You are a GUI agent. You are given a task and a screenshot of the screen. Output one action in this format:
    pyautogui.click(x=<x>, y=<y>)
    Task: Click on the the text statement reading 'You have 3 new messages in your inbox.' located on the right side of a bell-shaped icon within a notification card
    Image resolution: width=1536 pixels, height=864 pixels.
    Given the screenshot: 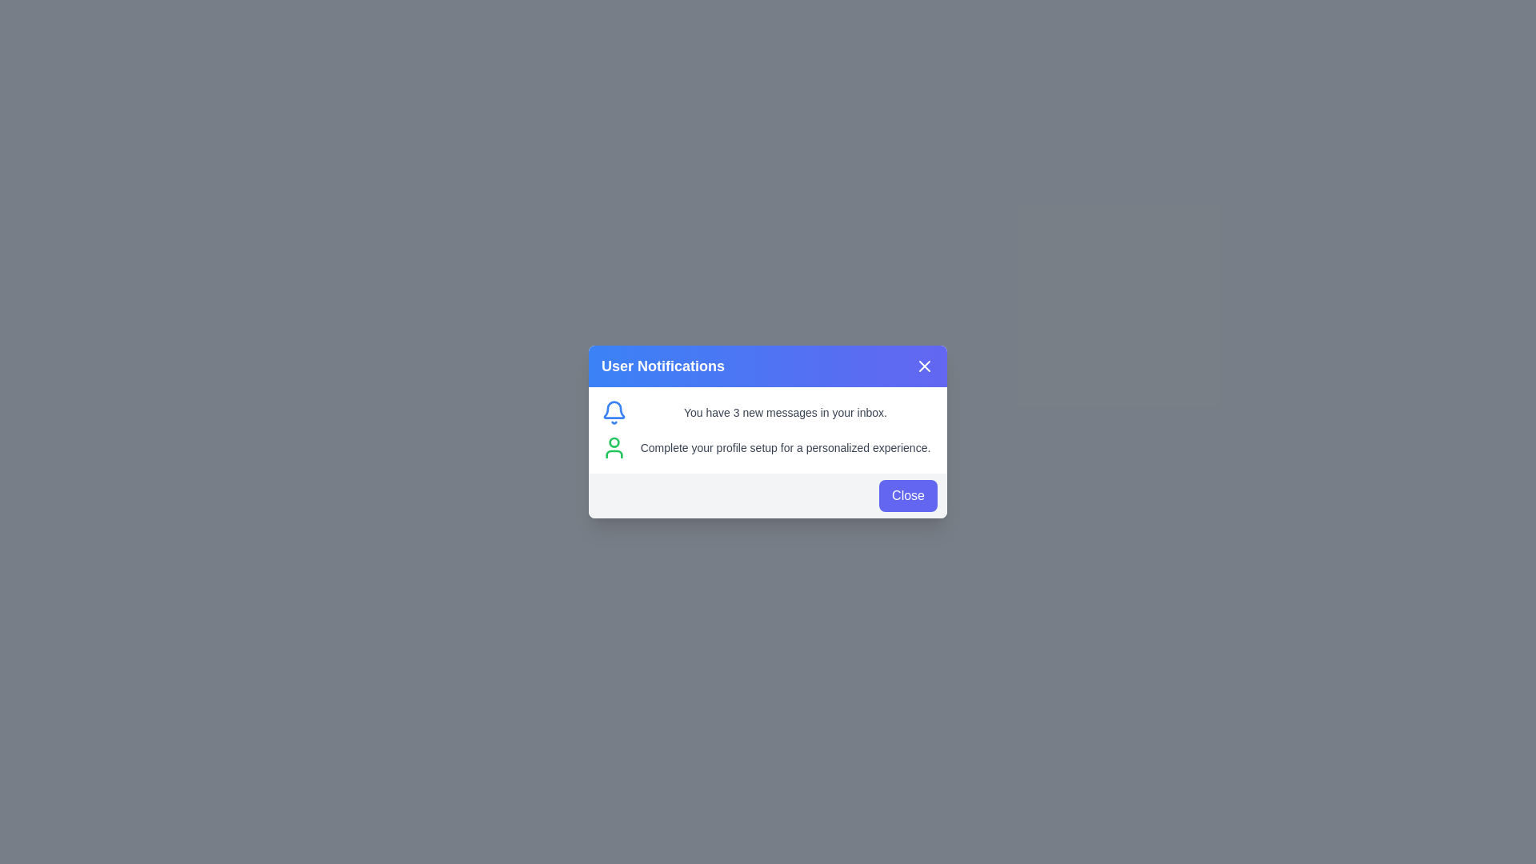 What is the action you would take?
    pyautogui.click(x=786, y=412)
    